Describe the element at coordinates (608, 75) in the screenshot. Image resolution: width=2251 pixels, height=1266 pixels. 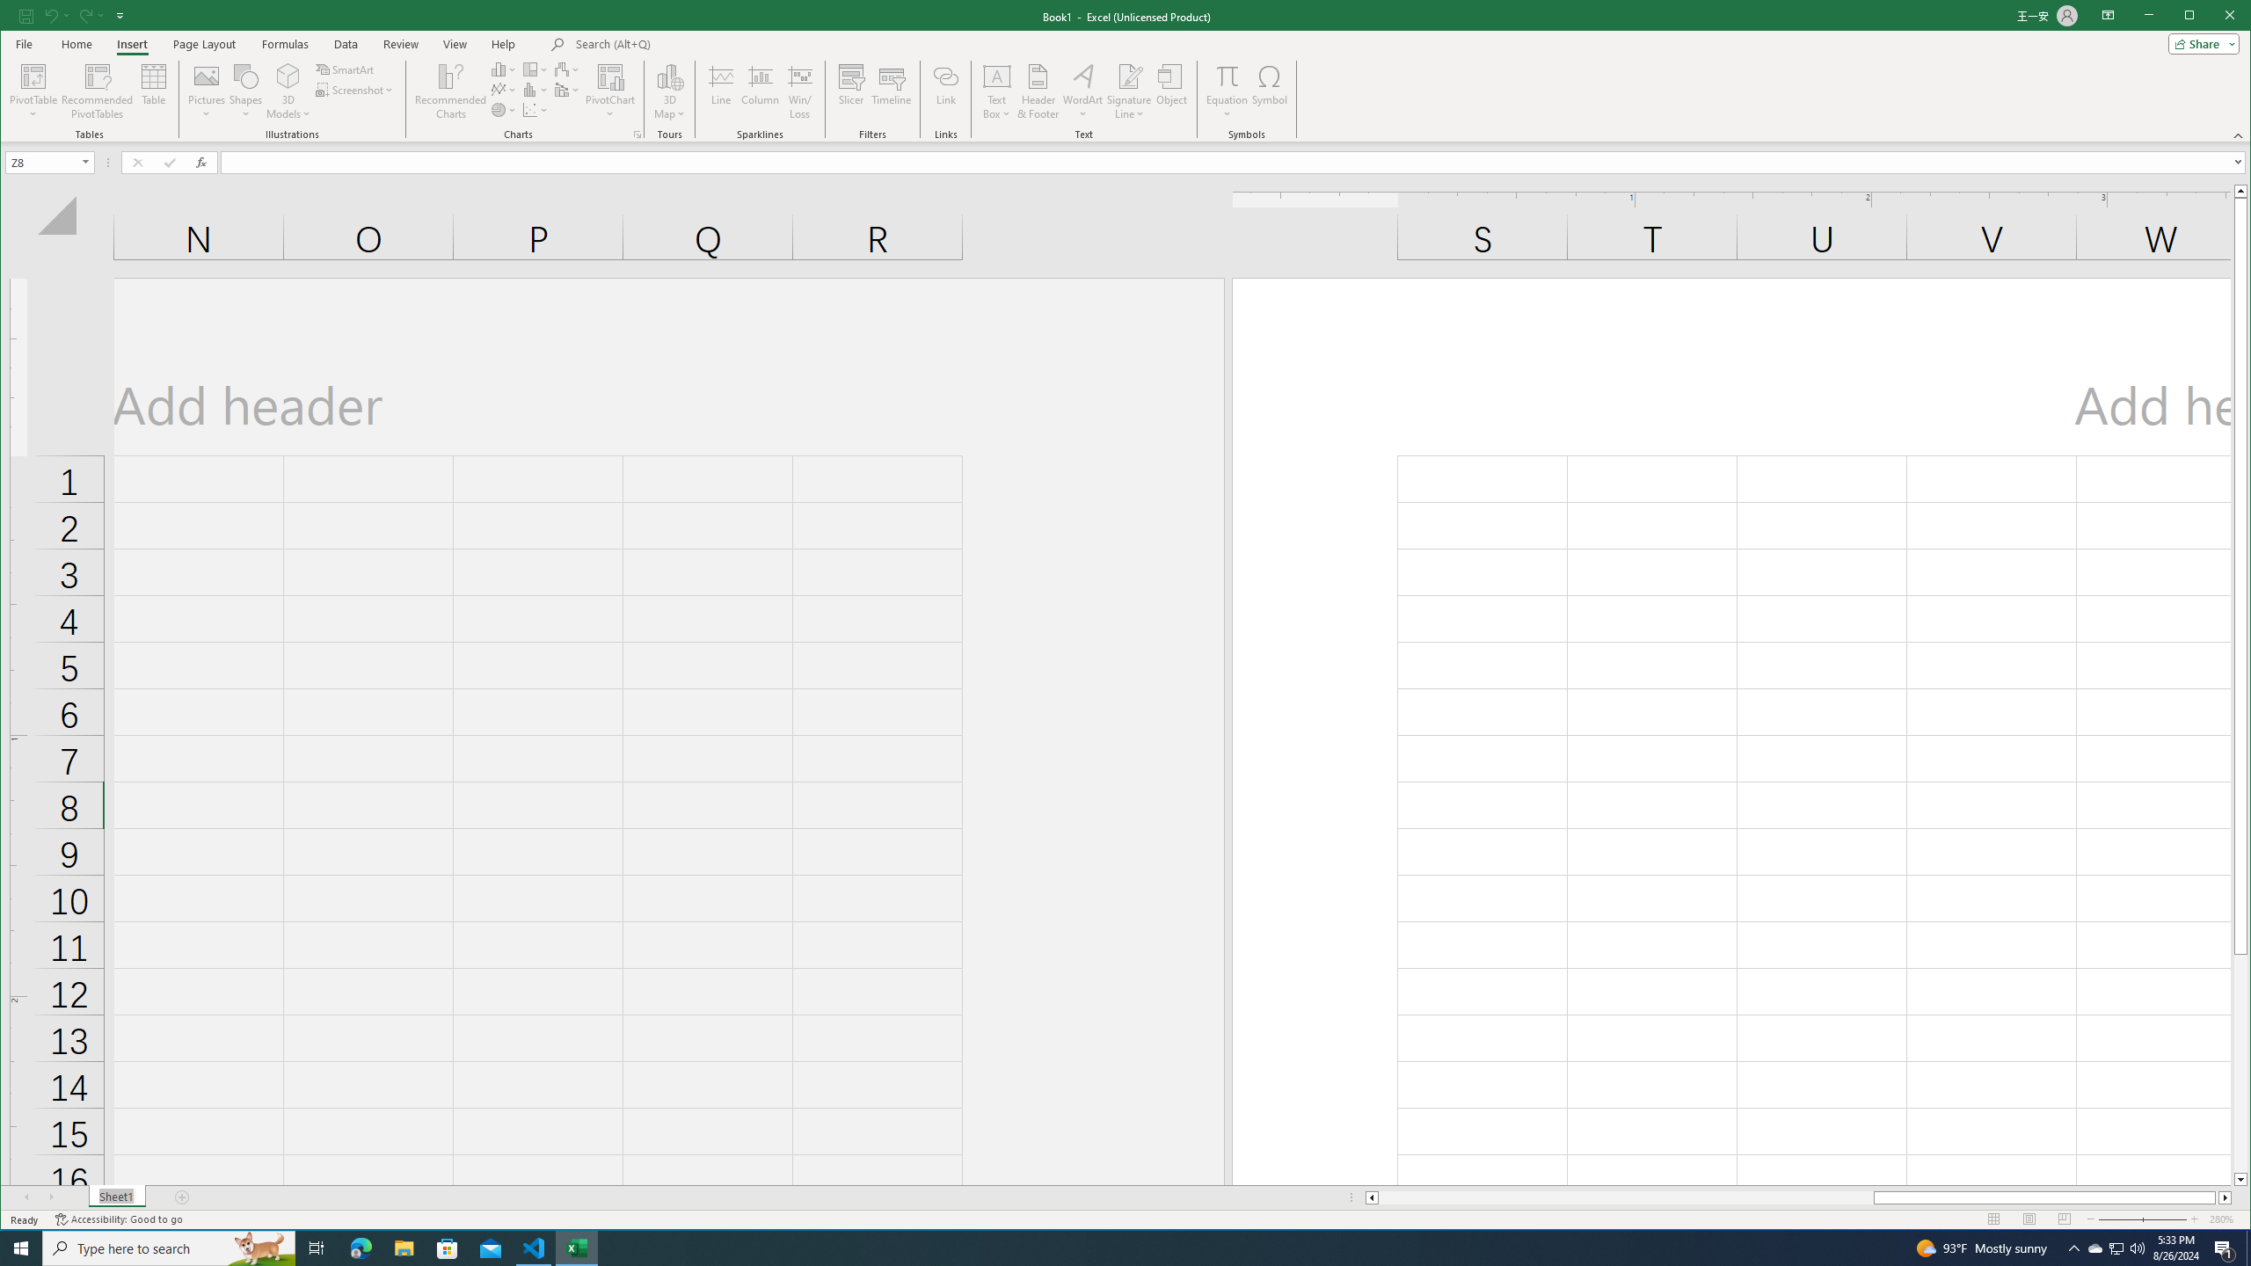
I see `'PivotChart'` at that location.